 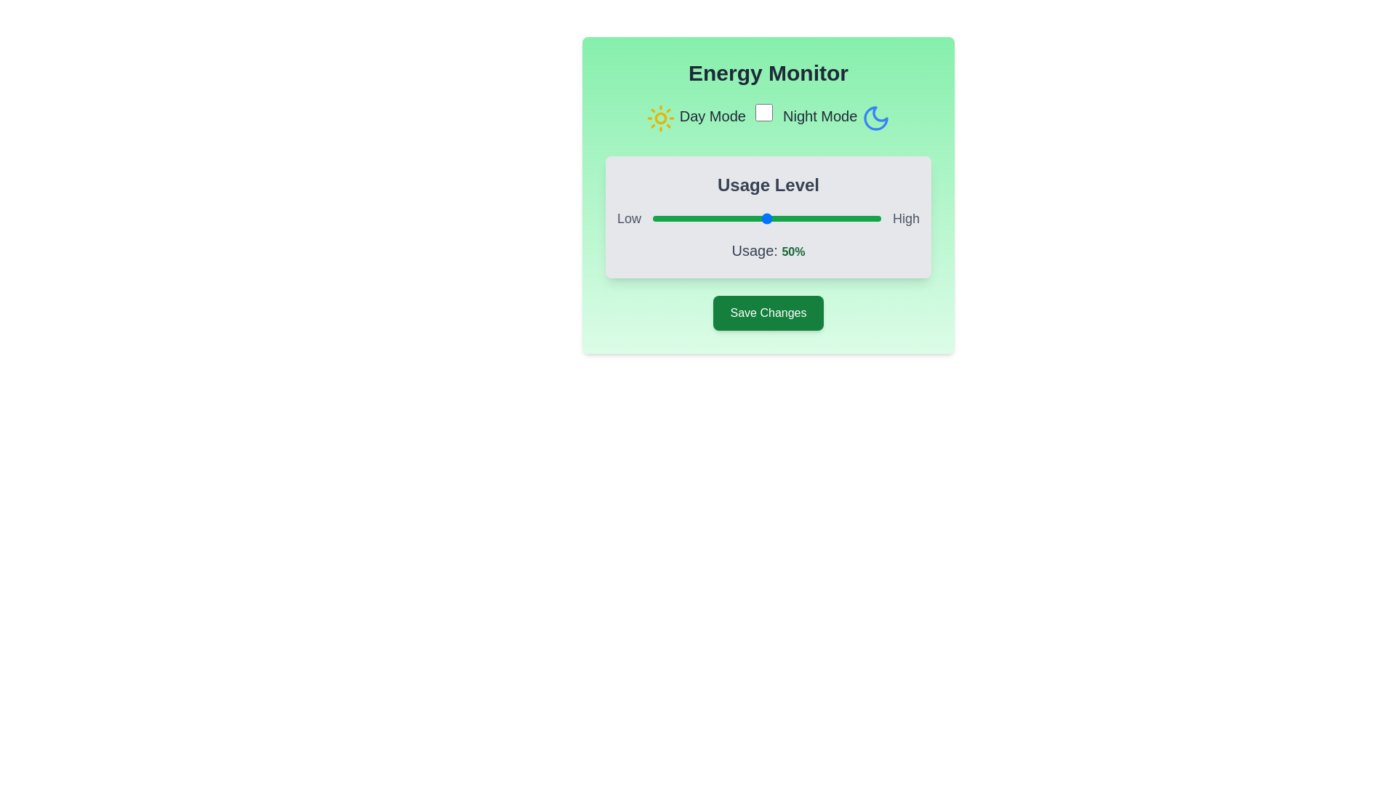 What do you see at coordinates (677, 218) in the screenshot?
I see `the slider` at bounding box center [677, 218].